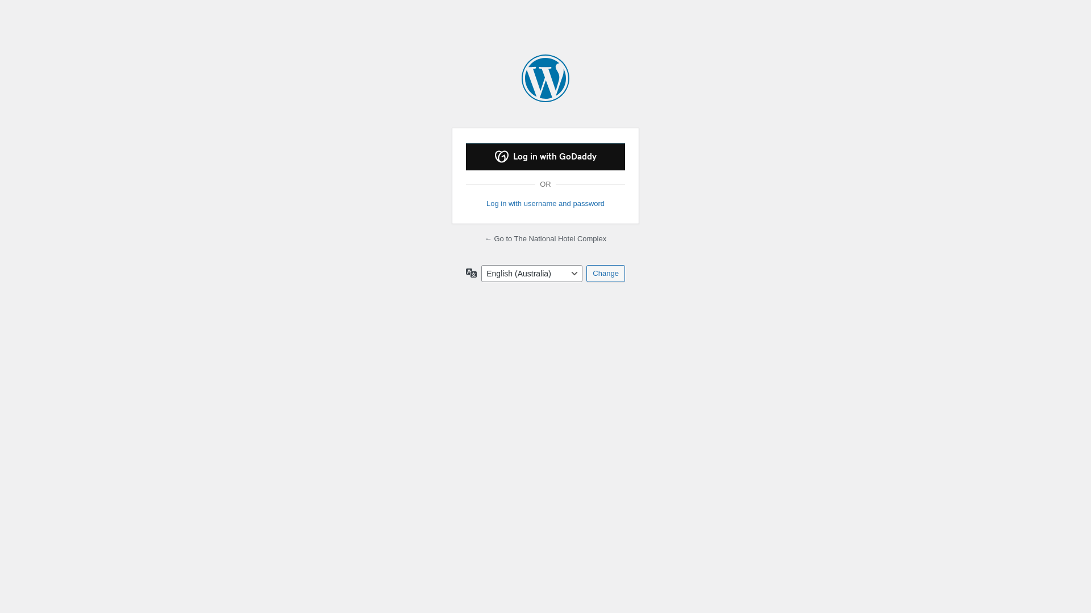  Describe the element at coordinates (466, 157) in the screenshot. I see `'Log in with GoDaddy'` at that location.